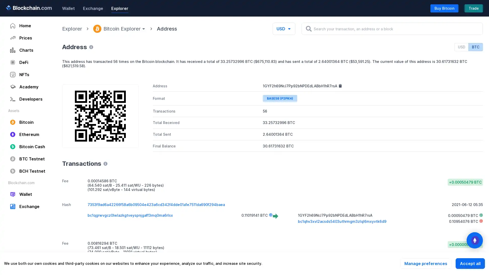 The image size is (489, 275). I want to click on Buy Bitcoin, so click(444, 8).